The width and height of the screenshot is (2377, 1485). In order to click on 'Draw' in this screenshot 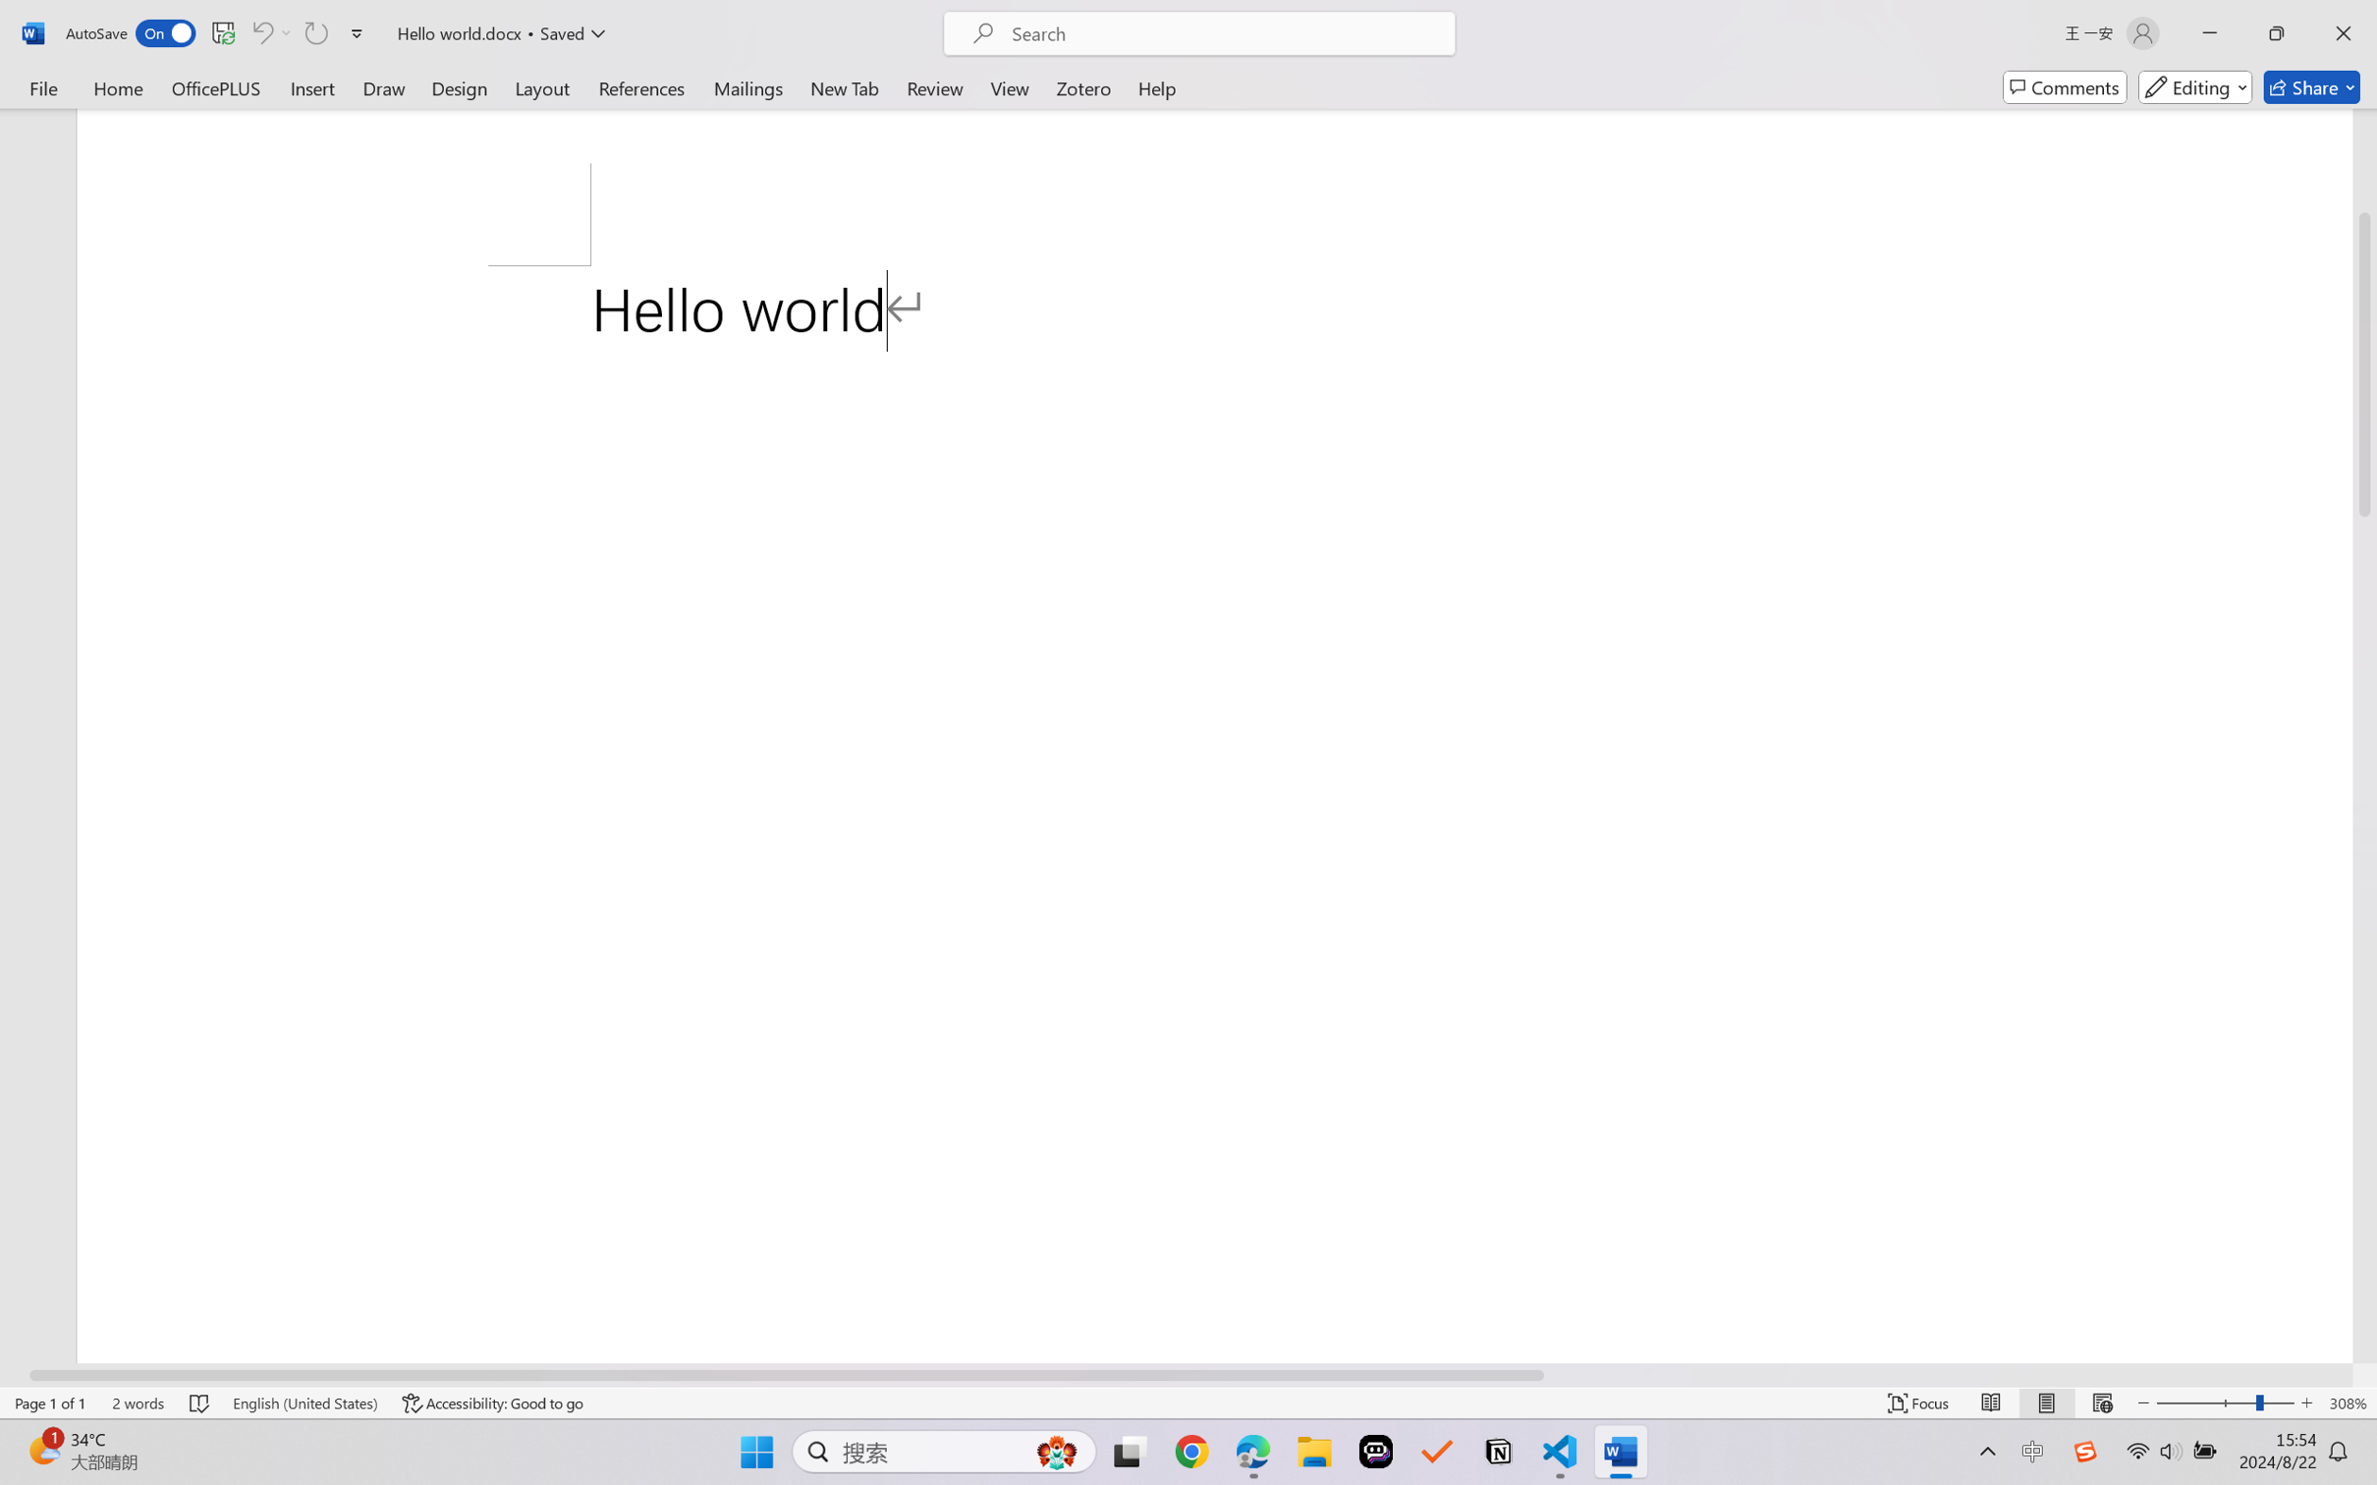, I will do `click(384, 86)`.